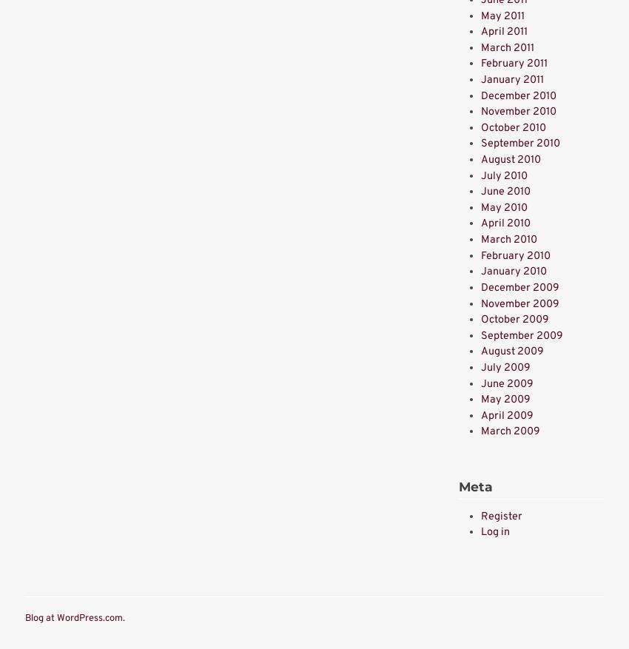 Image resolution: width=629 pixels, height=649 pixels. Describe the element at coordinates (508, 239) in the screenshot. I see `'March 2010'` at that location.